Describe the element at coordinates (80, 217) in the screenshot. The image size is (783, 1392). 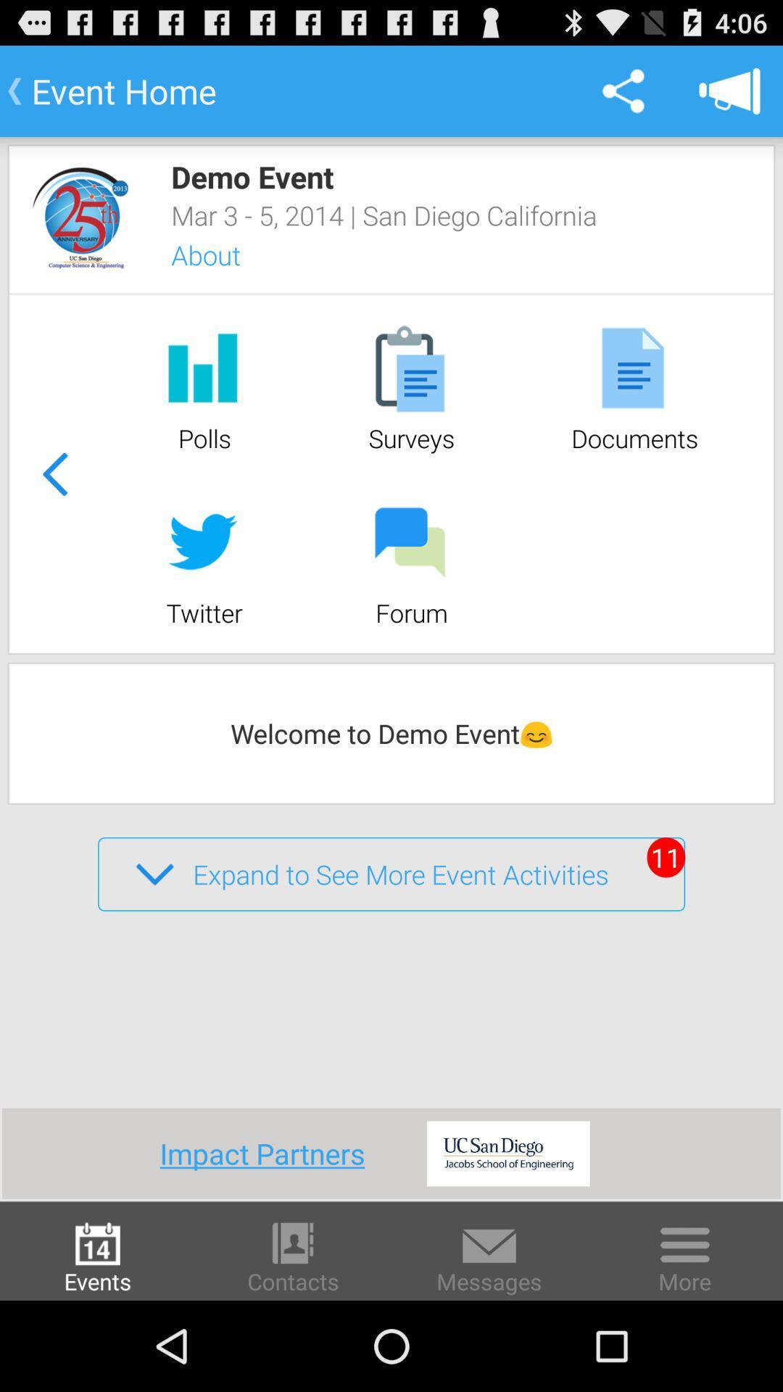
I see `the app next to the demo event` at that location.